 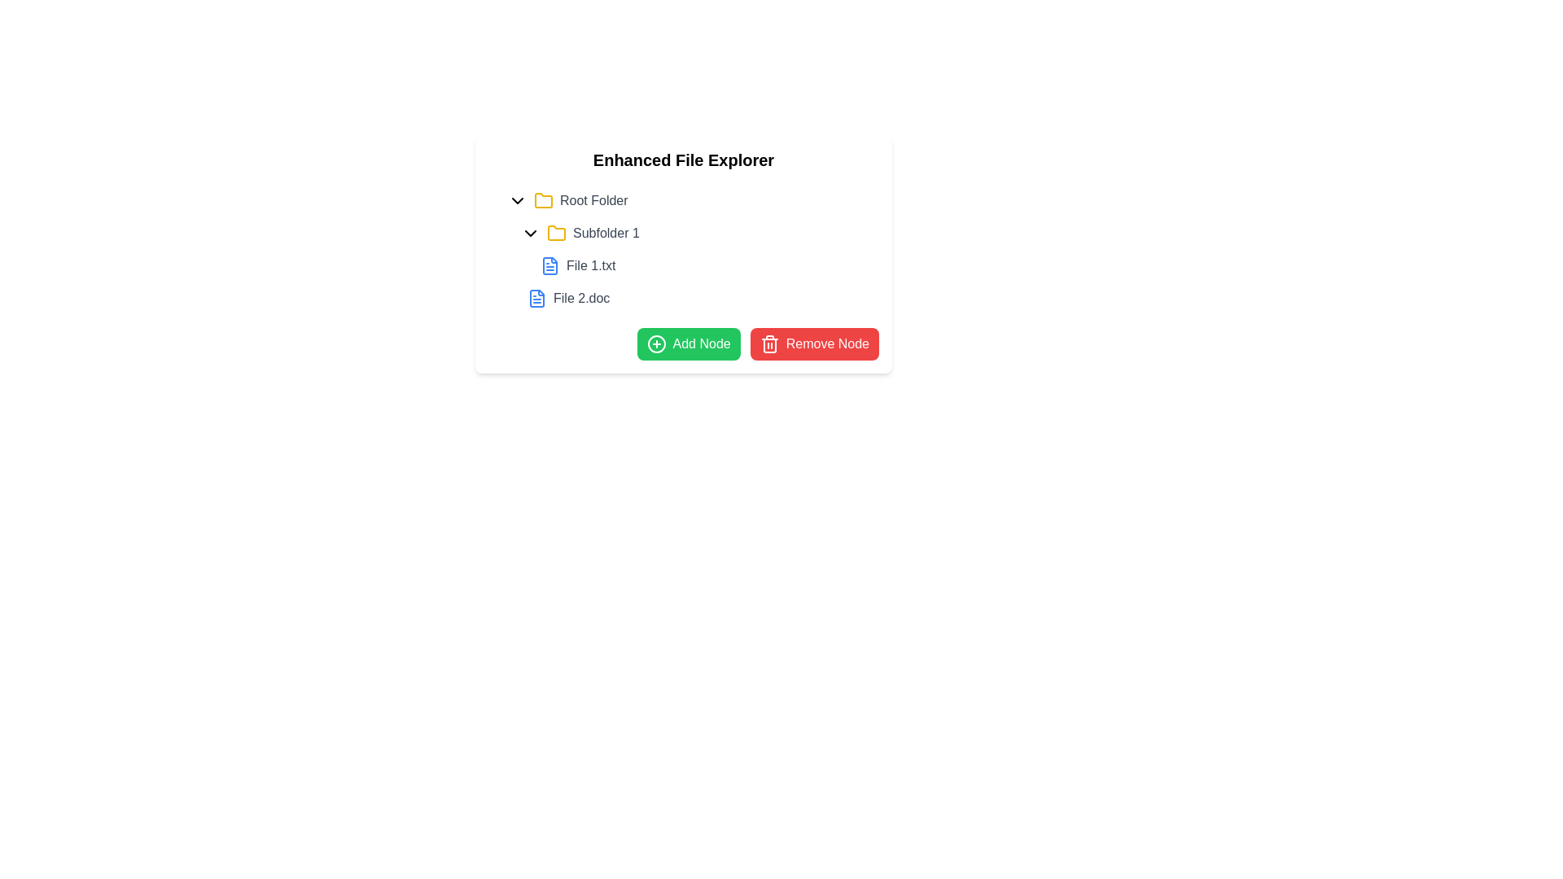 I want to click on the trash bin icon with a red background next to the 'Remove Node' text, so click(x=768, y=343).